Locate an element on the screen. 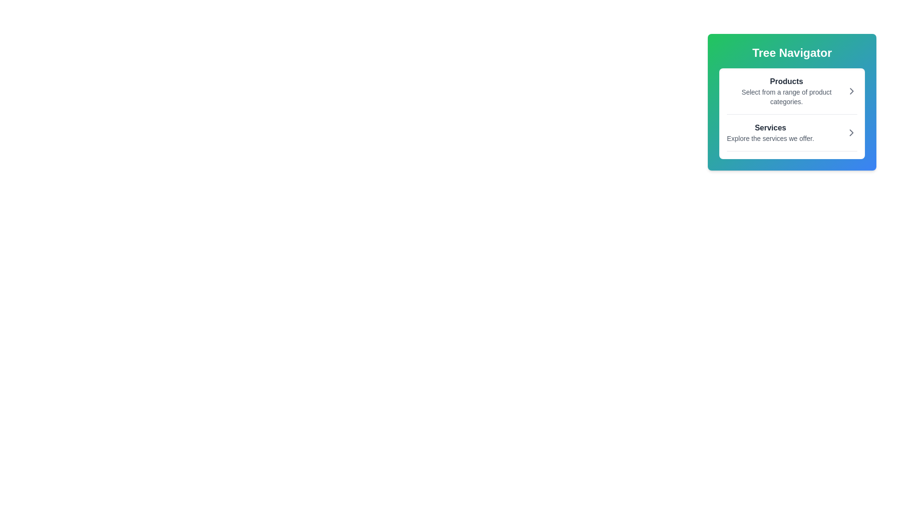  the 'Tree Navigator' text label, which is bold and white, positioned near the top of a gradient box transitioning from green to blue is located at coordinates (792, 53).